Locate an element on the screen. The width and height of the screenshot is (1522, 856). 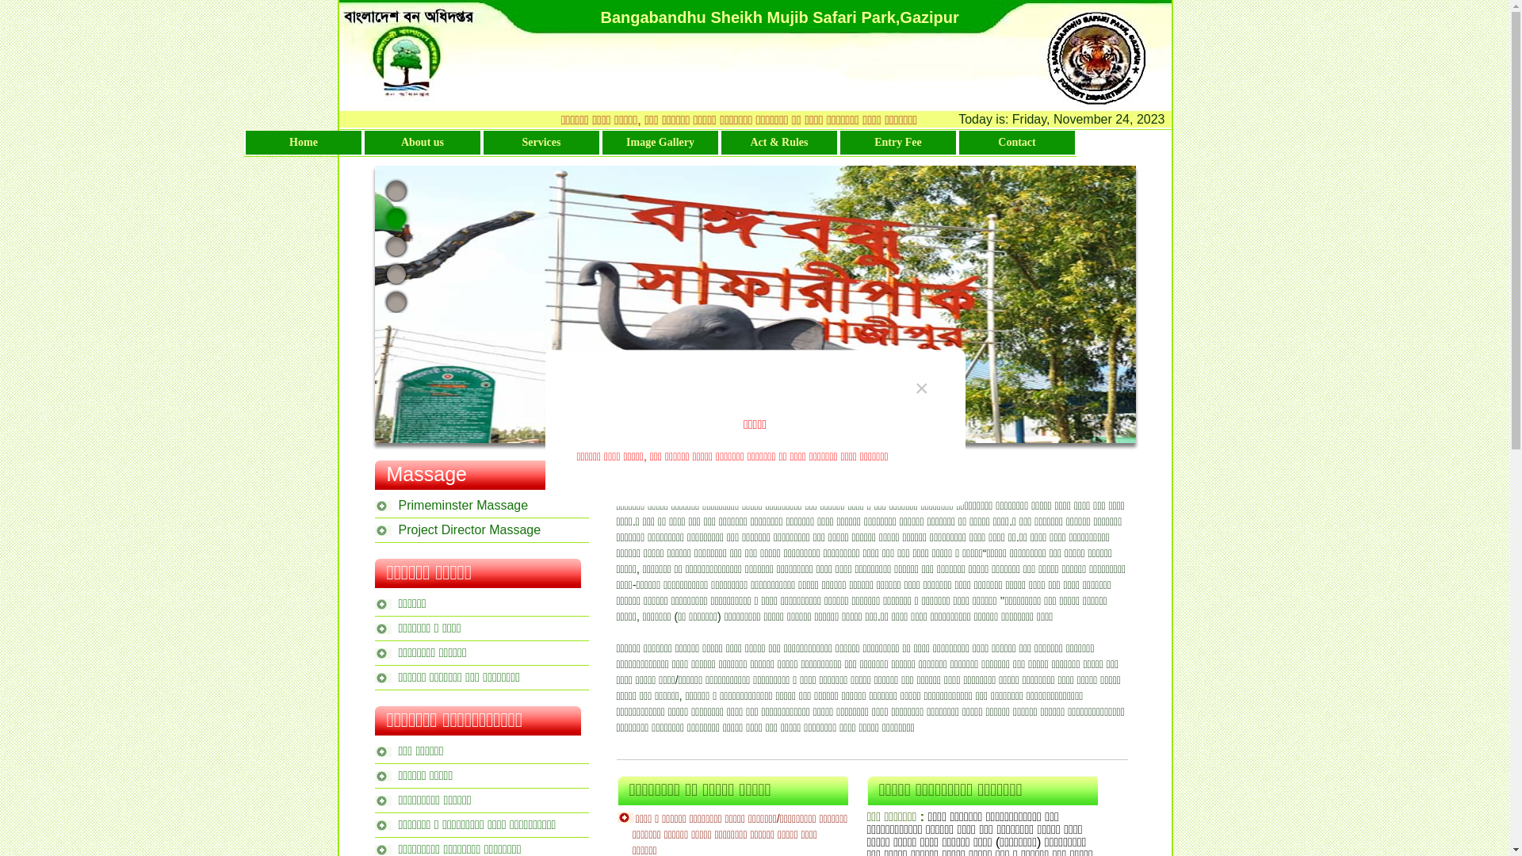
'Home' is located at coordinates (304, 143).